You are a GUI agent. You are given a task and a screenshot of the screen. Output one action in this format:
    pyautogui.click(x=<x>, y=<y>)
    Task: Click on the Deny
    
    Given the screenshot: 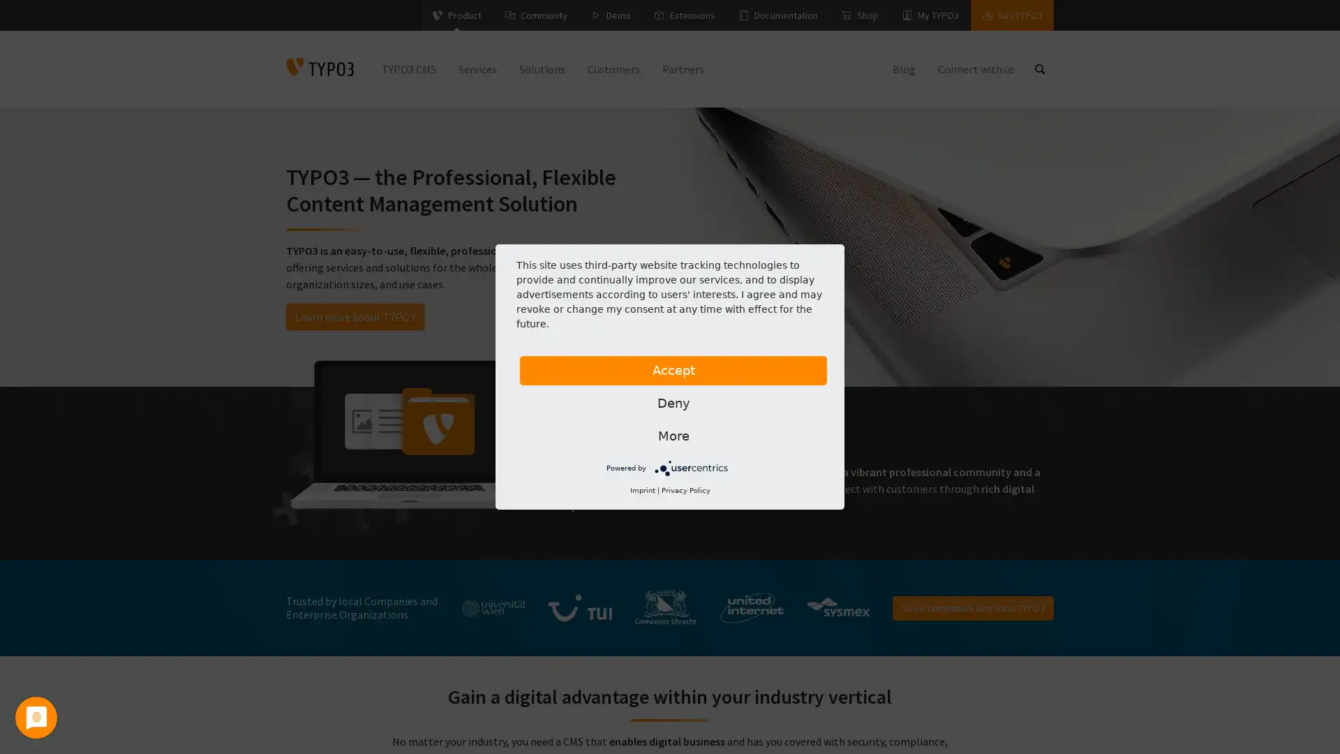 What is the action you would take?
    pyautogui.click(x=673, y=404)
    